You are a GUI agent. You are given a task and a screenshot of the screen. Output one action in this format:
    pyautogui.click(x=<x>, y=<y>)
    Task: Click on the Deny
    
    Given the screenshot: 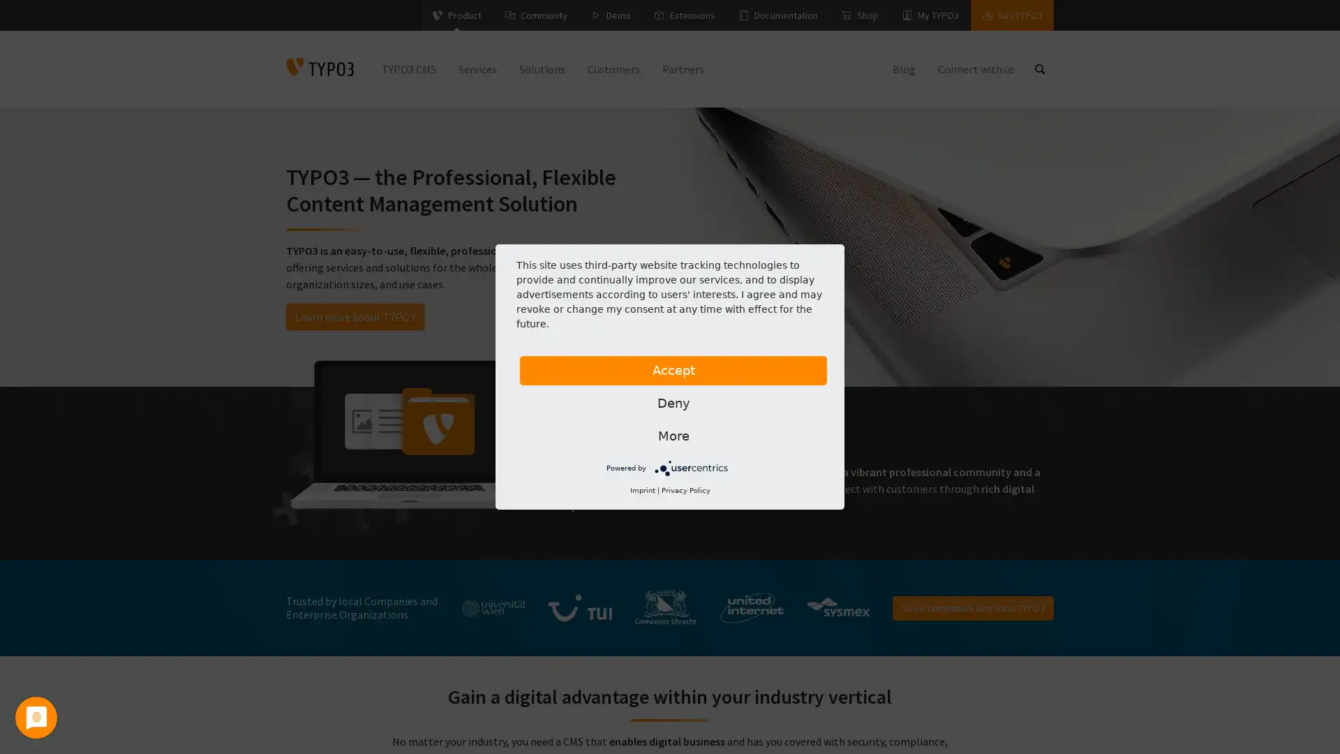 What is the action you would take?
    pyautogui.click(x=673, y=404)
    